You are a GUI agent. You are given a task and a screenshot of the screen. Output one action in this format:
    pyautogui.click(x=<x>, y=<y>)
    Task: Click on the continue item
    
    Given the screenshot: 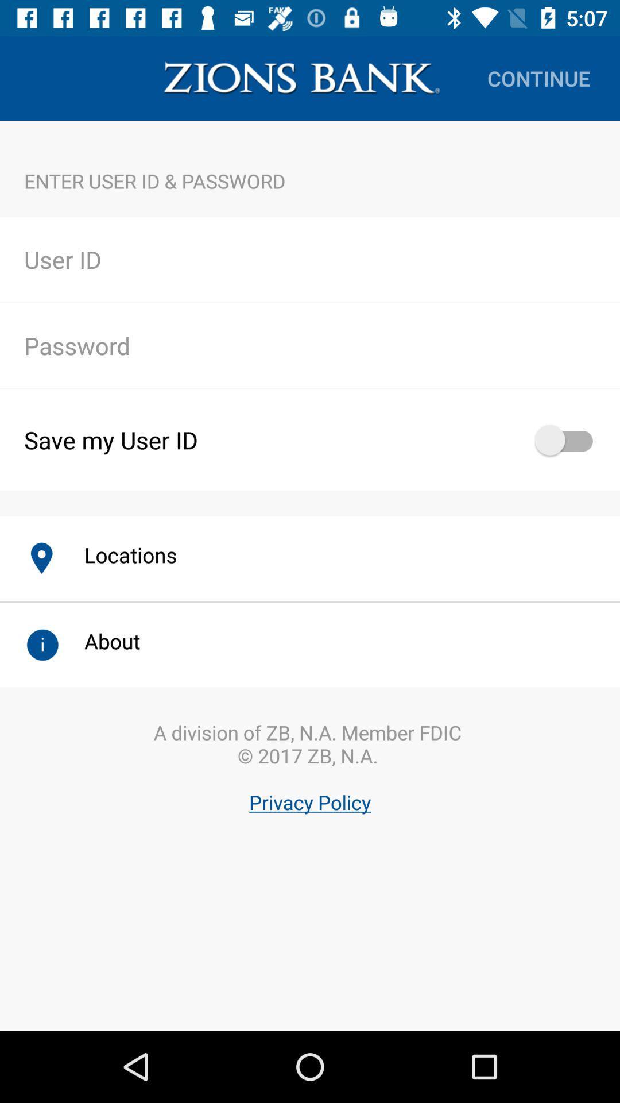 What is the action you would take?
    pyautogui.click(x=538, y=78)
    